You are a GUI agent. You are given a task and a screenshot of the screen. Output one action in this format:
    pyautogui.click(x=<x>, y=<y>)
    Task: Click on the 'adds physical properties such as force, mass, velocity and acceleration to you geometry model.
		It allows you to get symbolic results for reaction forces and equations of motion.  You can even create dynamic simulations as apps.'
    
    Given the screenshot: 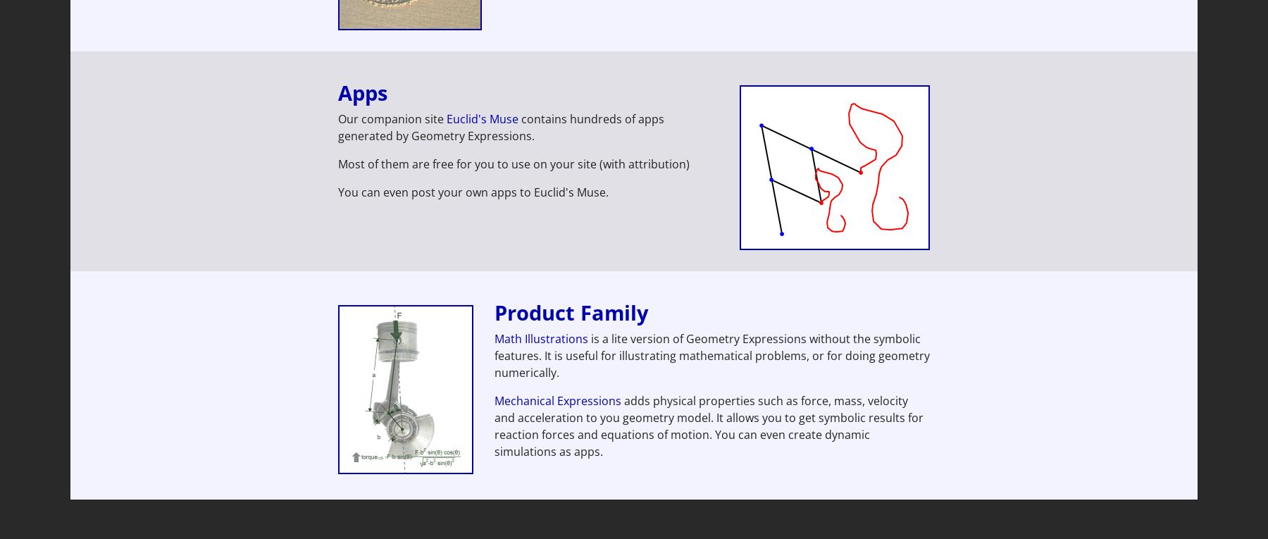 What is the action you would take?
    pyautogui.click(x=494, y=424)
    